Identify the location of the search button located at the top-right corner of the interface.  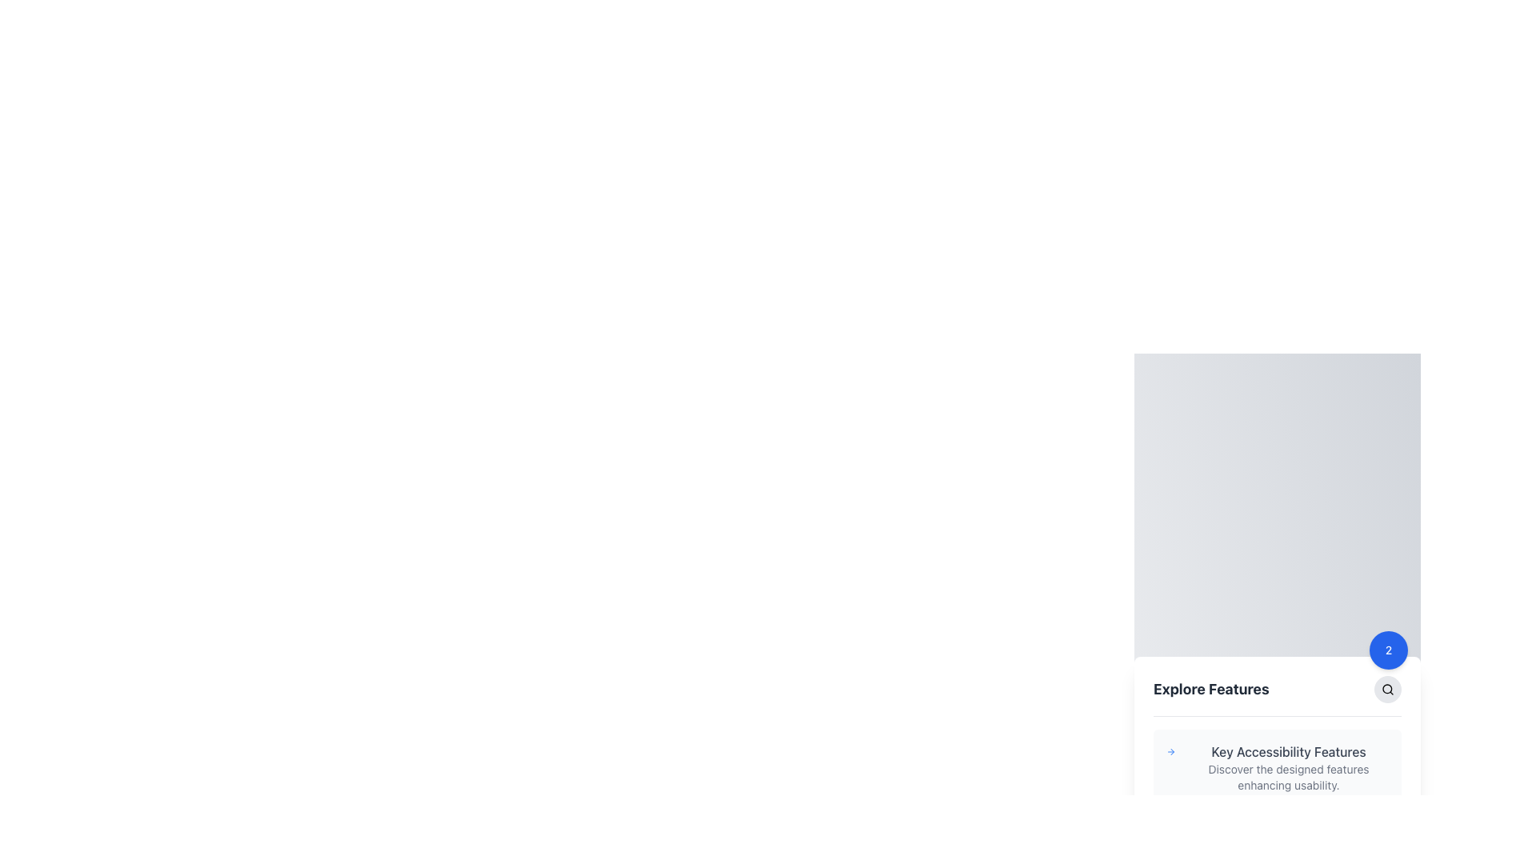
(1386, 687).